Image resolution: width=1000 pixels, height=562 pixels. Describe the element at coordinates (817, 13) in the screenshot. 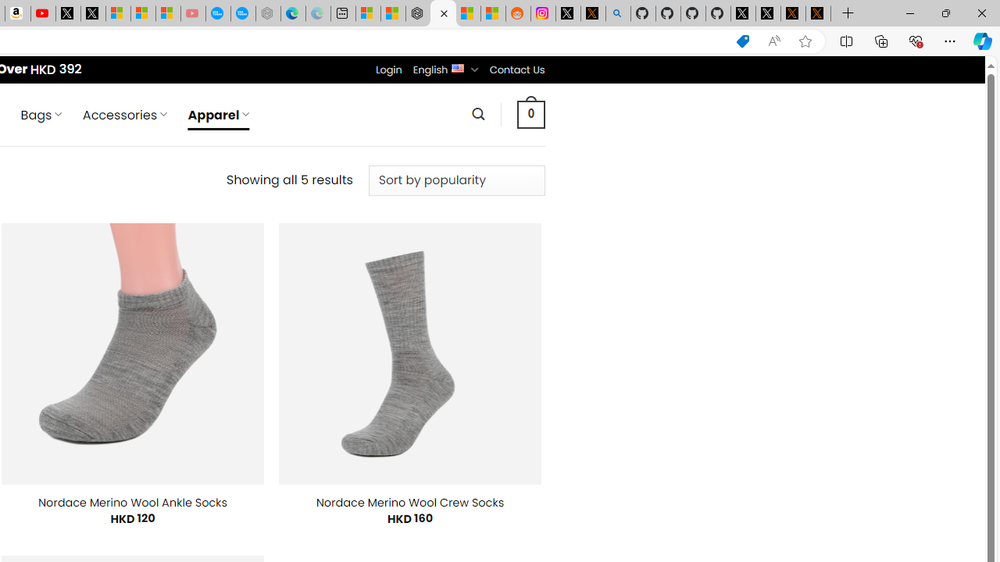

I see `'X Privacy Policy'` at that location.